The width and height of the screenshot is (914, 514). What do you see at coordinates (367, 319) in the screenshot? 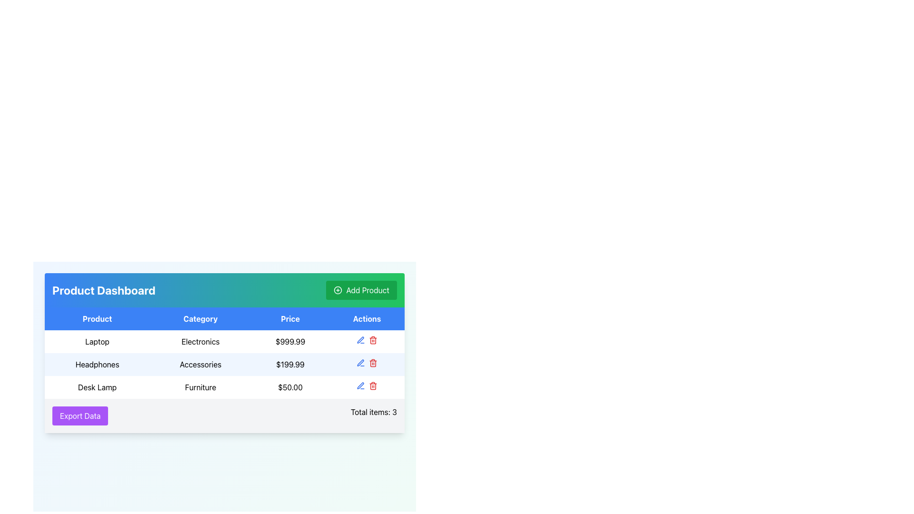
I see `the fourth column header in the table that indicates action-related functionalities for the corresponding rows` at bounding box center [367, 319].